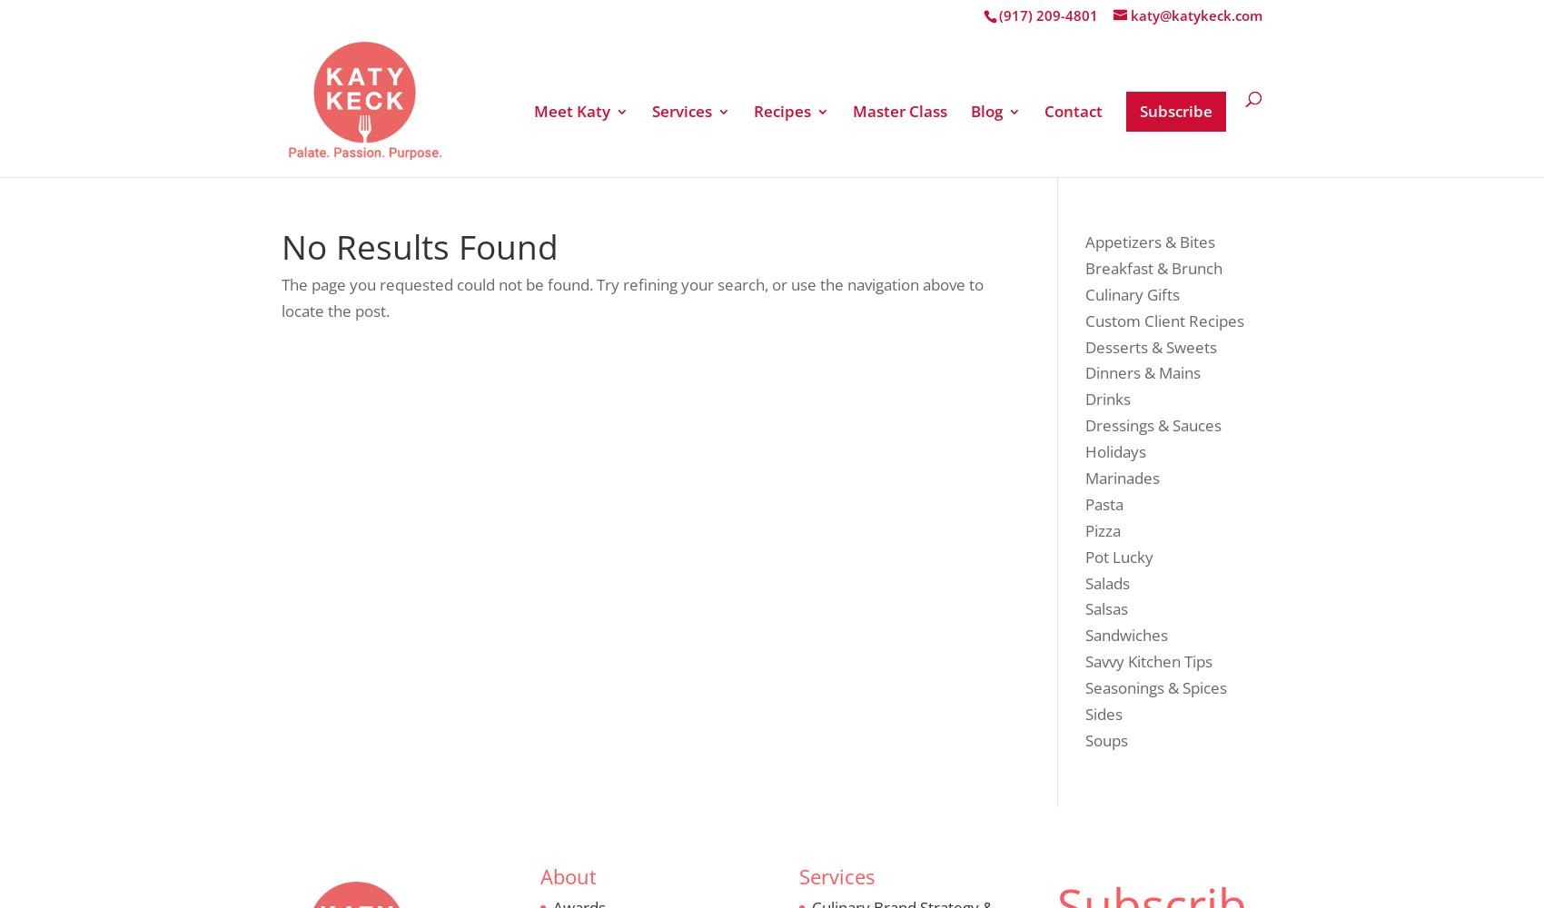 The height and width of the screenshot is (908, 1544). I want to click on 'Featured Chef', so click(623, 421).